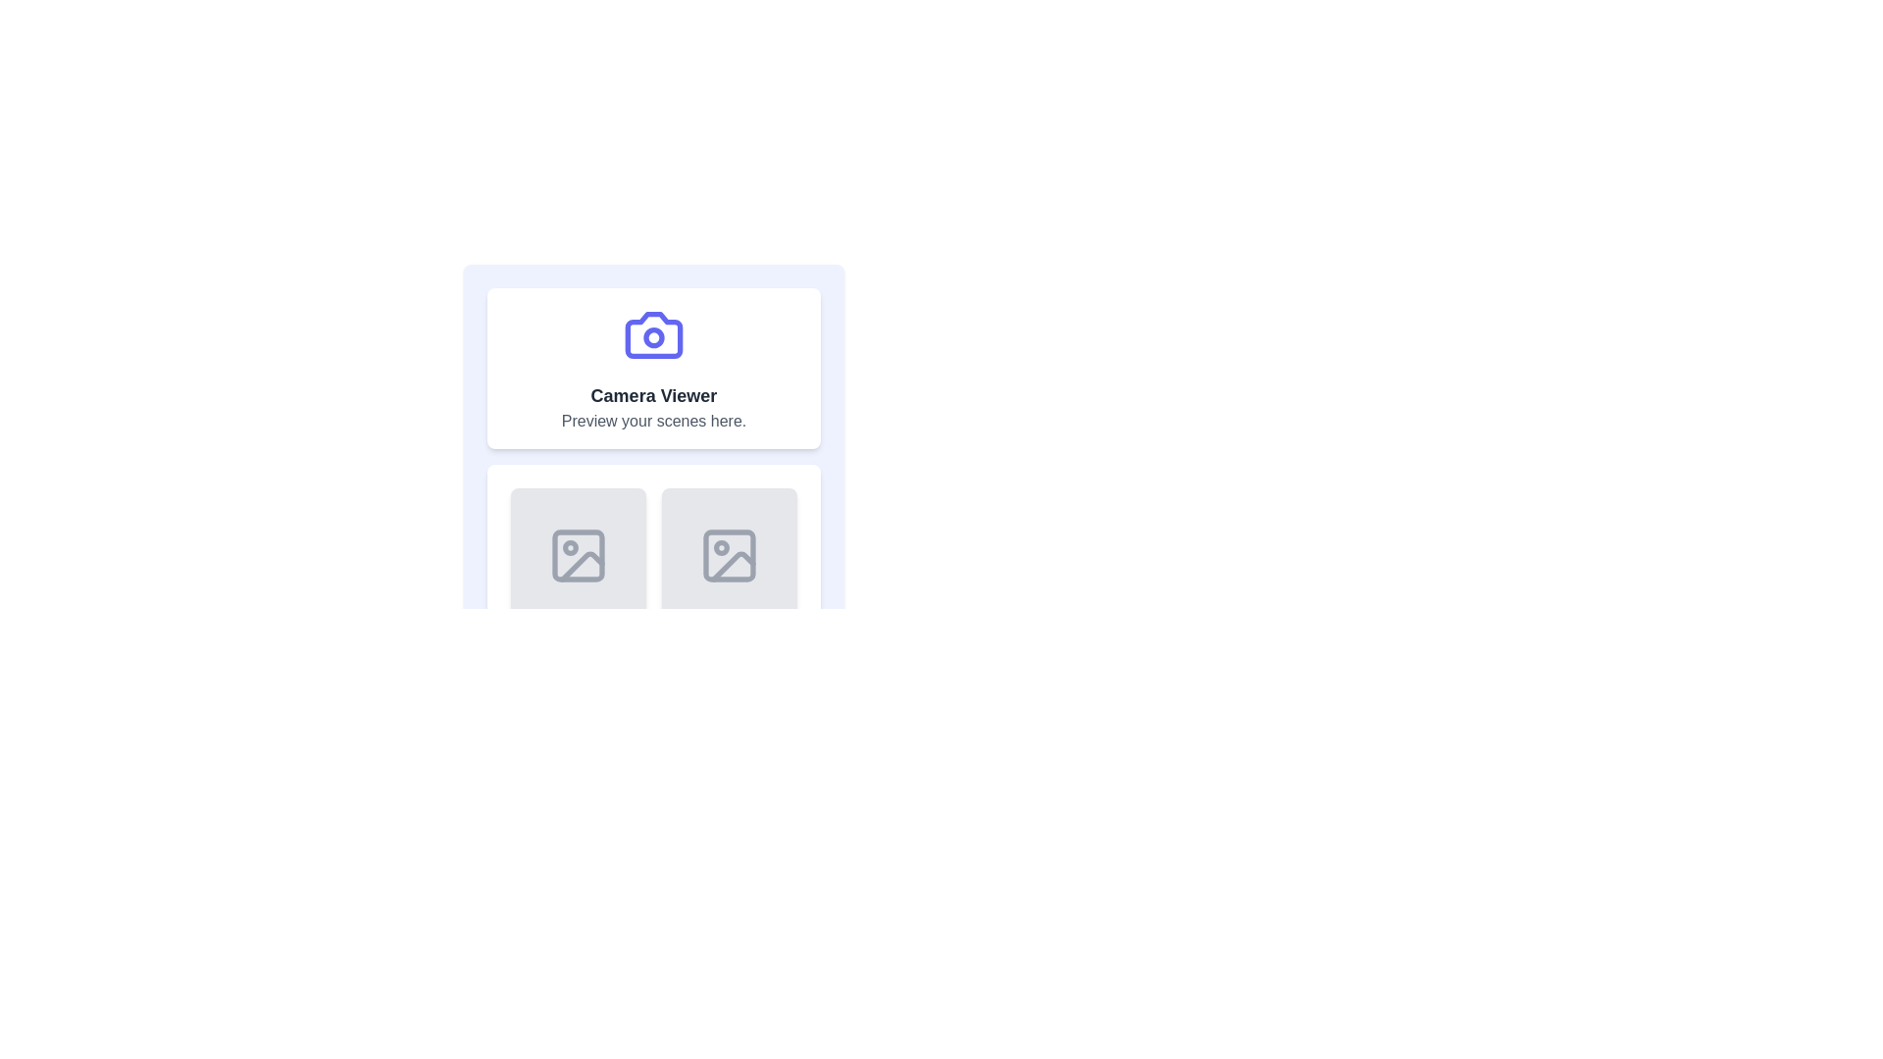 The width and height of the screenshot is (1883, 1059). Describe the element at coordinates (729, 556) in the screenshot. I see `the light gray picture icon in the bottom-right area of the grid, located in the second row and second column` at that location.